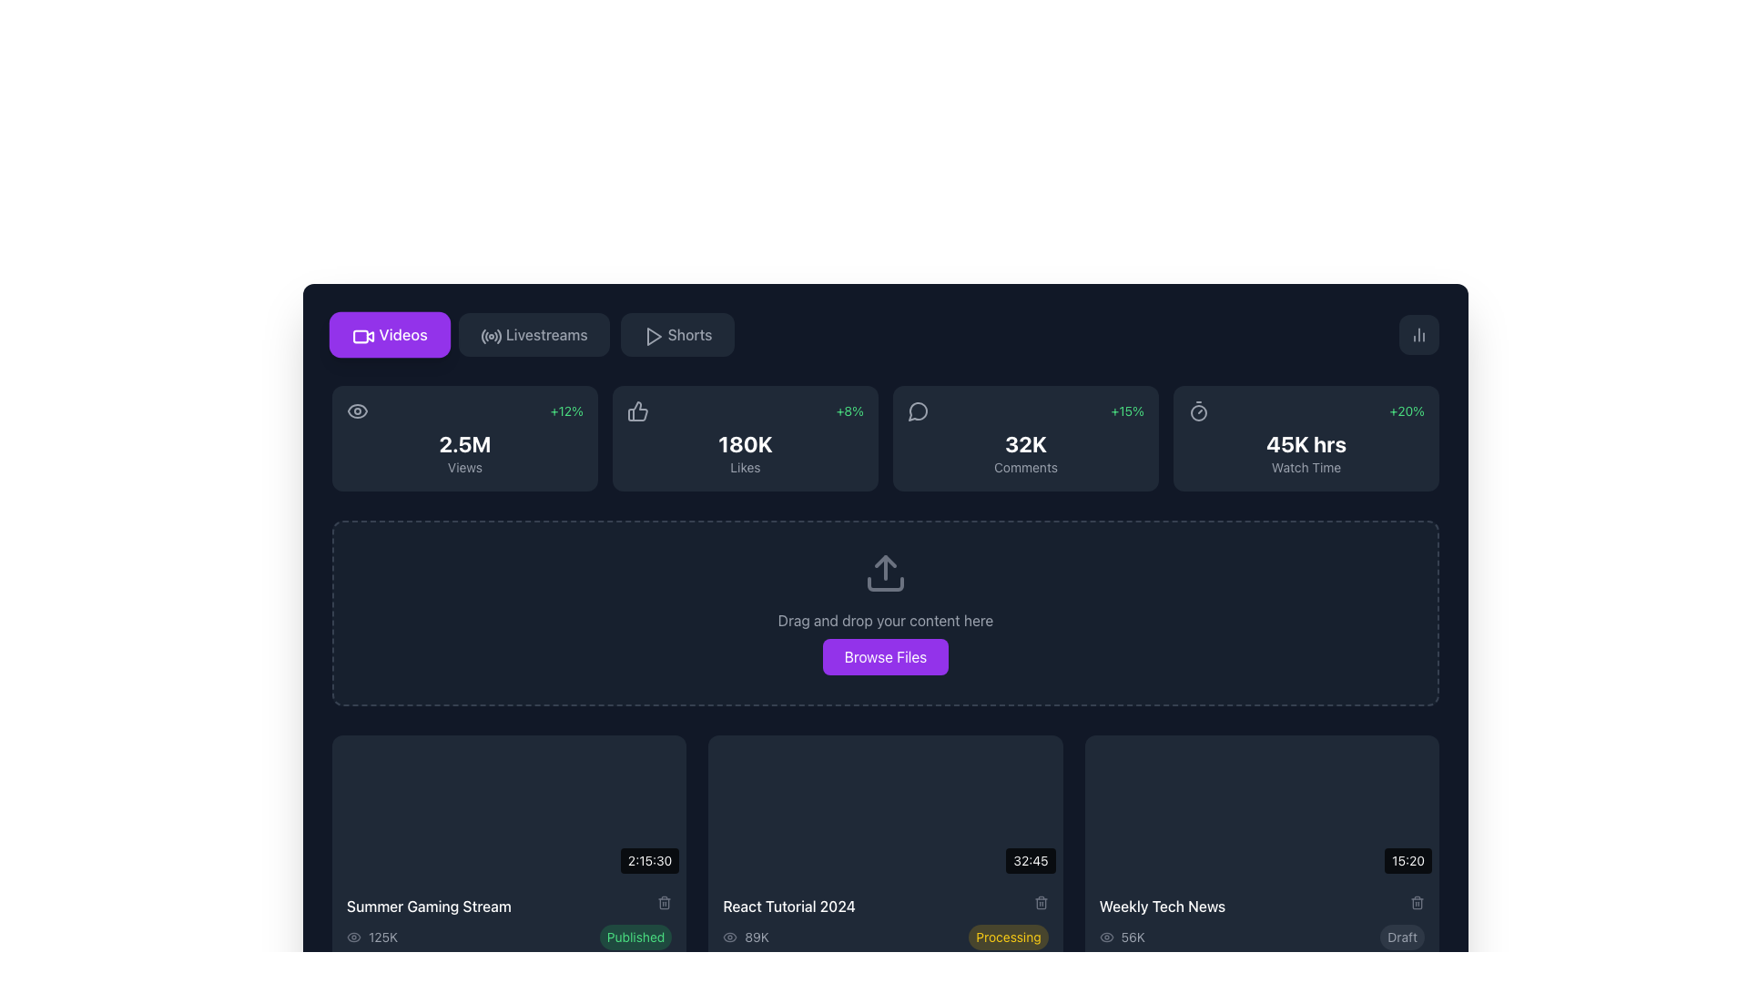 This screenshot has height=983, width=1748. What do you see at coordinates (545, 334) in the screenshot?
I see `the 'Livestreams' text label located within the navigation button, positioned between 'Videos' and 'Shorts' options, indicating its purpose to navigate to the 'Livestreams' section` at bounding box center [545, 334].